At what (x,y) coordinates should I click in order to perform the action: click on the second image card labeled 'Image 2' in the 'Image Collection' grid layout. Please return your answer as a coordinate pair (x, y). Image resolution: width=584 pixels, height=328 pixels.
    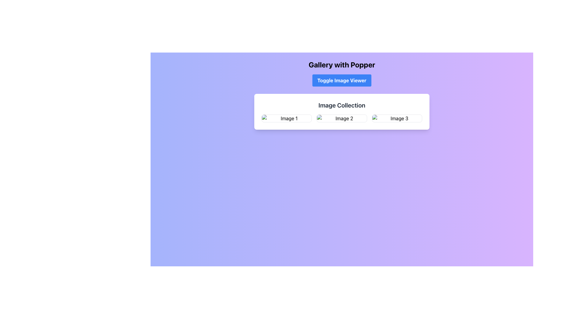
    Looking at the image, I should click on (342, 118).